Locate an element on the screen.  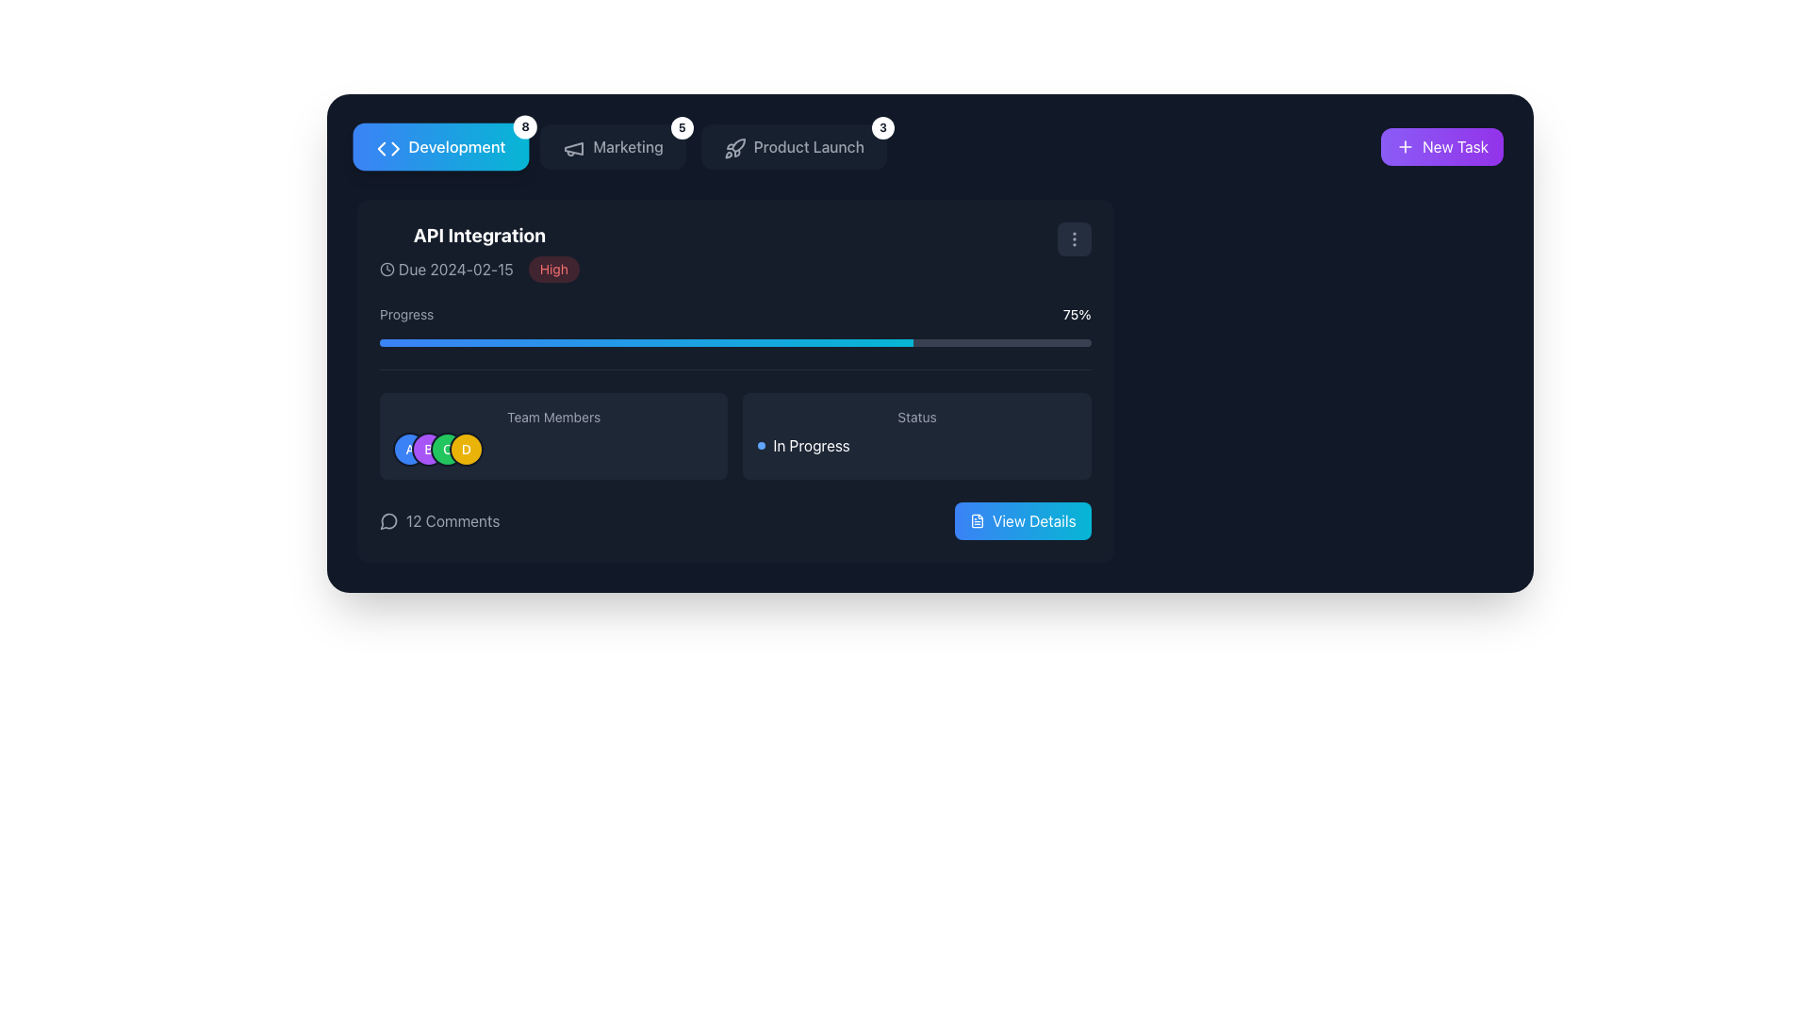
the SVG icon resembling a document or file with text lines, which is located inside the 'View Details' button at the bottom-right corner of the 'API Integration' section is located at coordinates (977, 520).